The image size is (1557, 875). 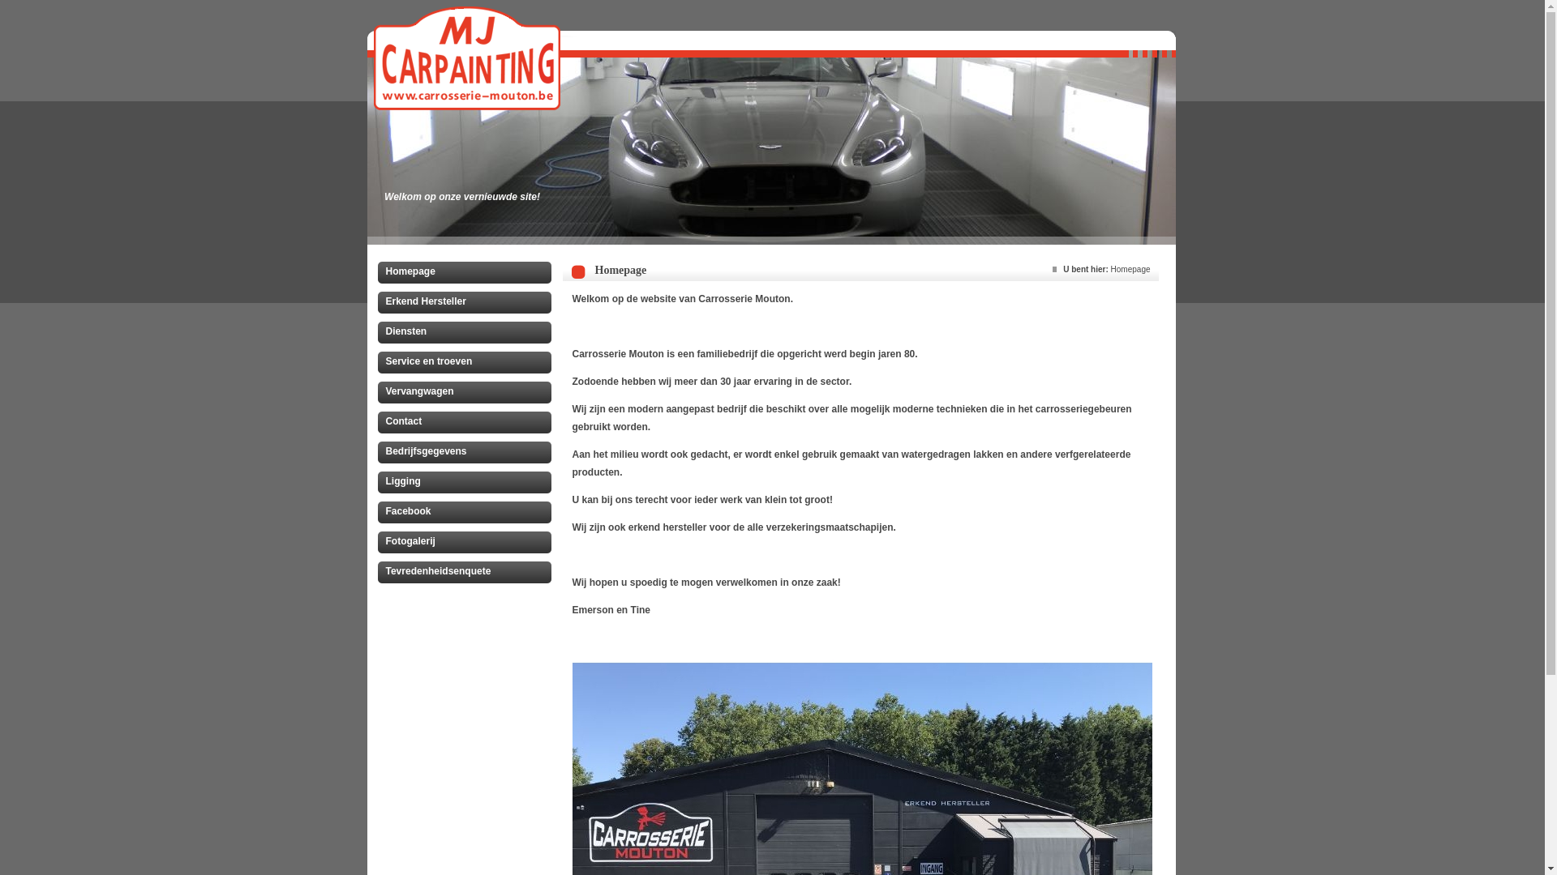 I want to click on 'Contact', so click(x=376, y=424).